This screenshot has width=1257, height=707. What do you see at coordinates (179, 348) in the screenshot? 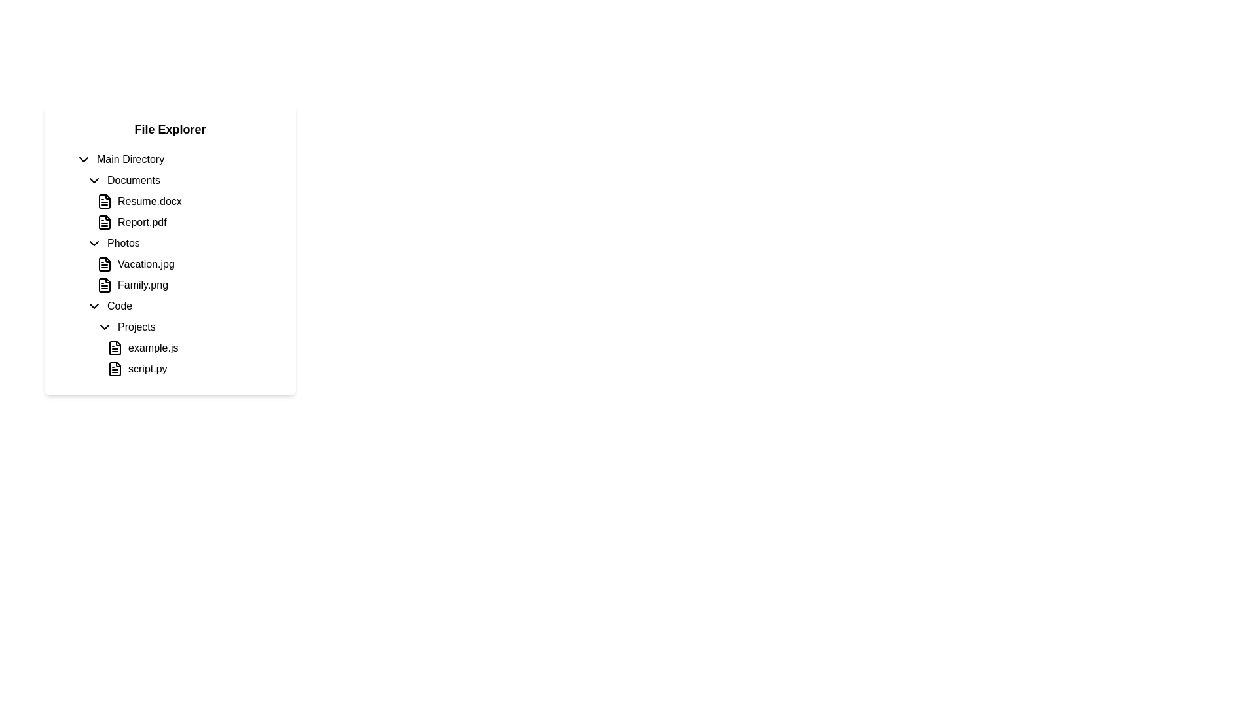
I see `the file entry named 'example.js'` at bounding box center [179, 348].